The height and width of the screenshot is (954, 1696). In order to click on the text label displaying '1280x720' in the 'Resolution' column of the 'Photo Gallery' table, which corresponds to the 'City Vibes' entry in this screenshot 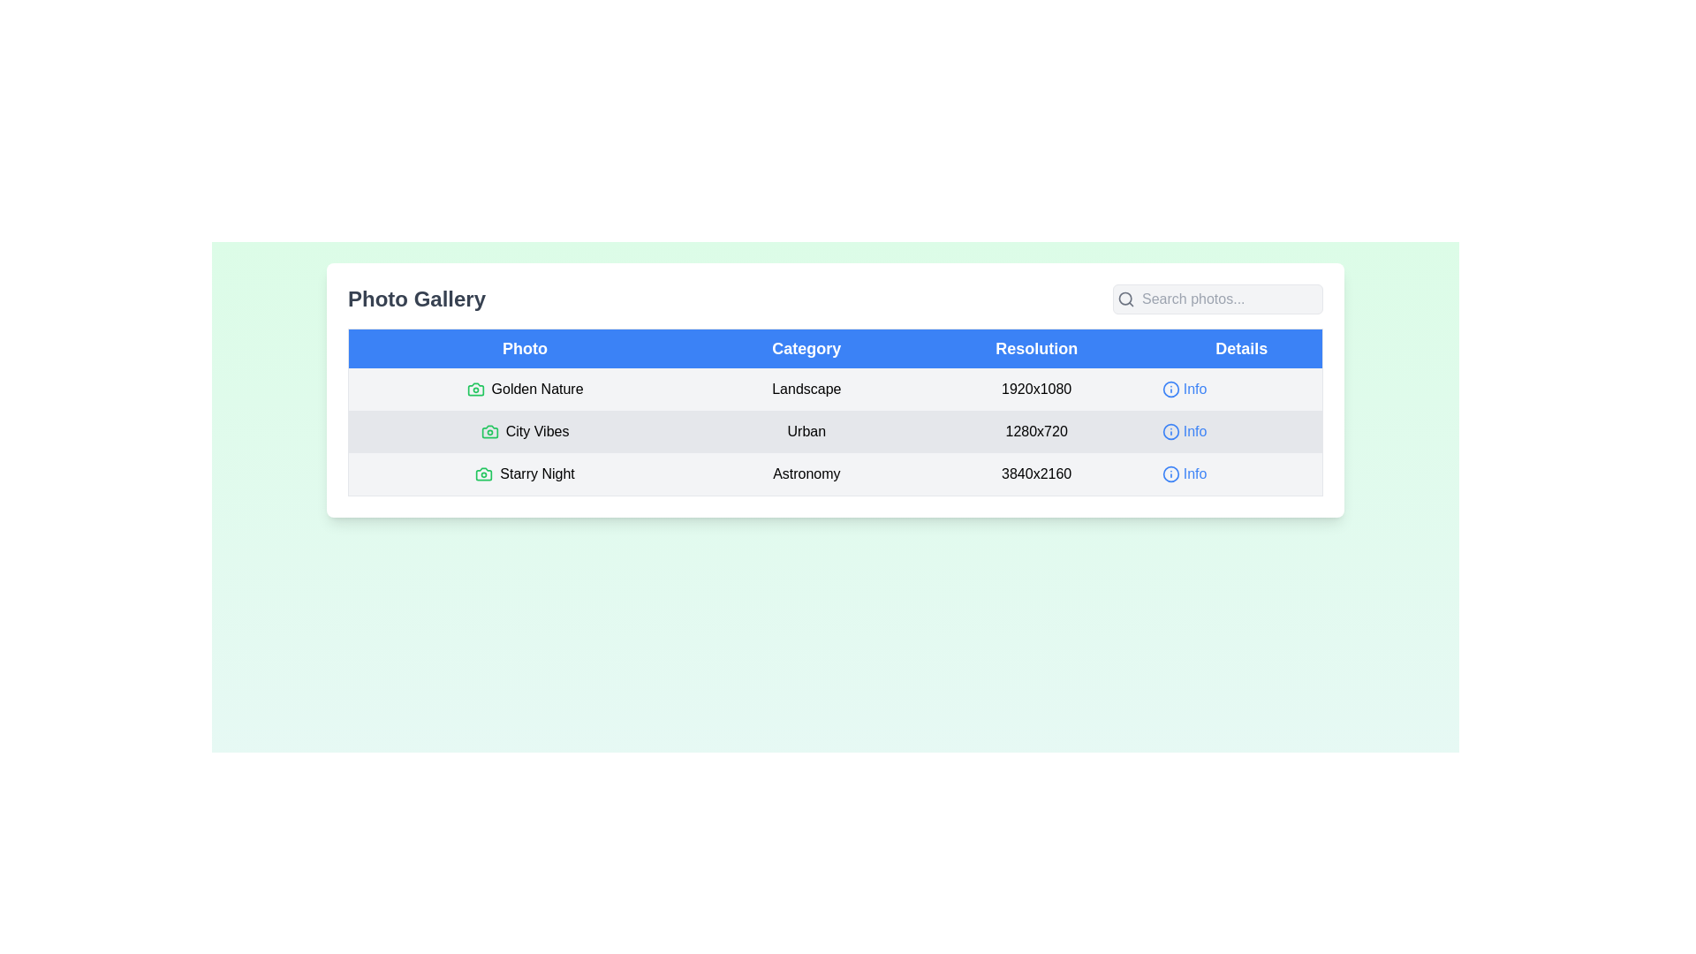, I will do `click(1036, 432)`.